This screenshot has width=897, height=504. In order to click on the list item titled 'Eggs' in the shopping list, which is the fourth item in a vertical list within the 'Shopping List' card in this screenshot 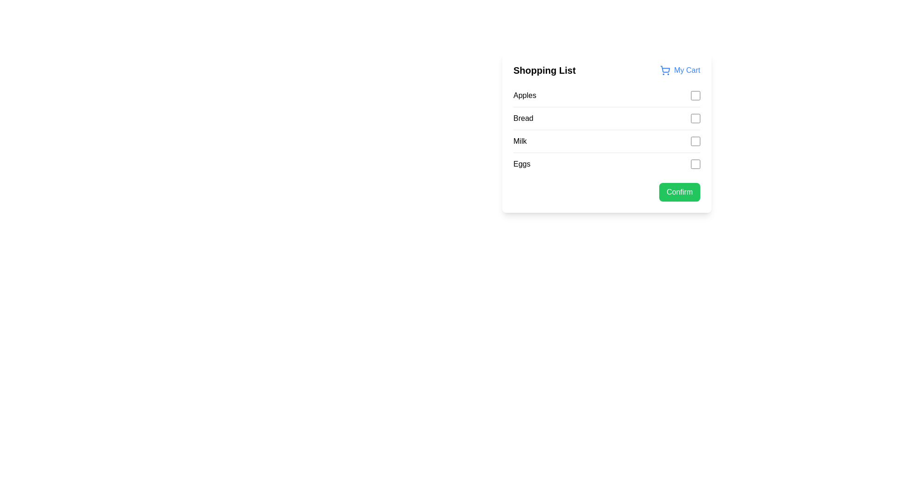, I will do `click(607, 163)`.